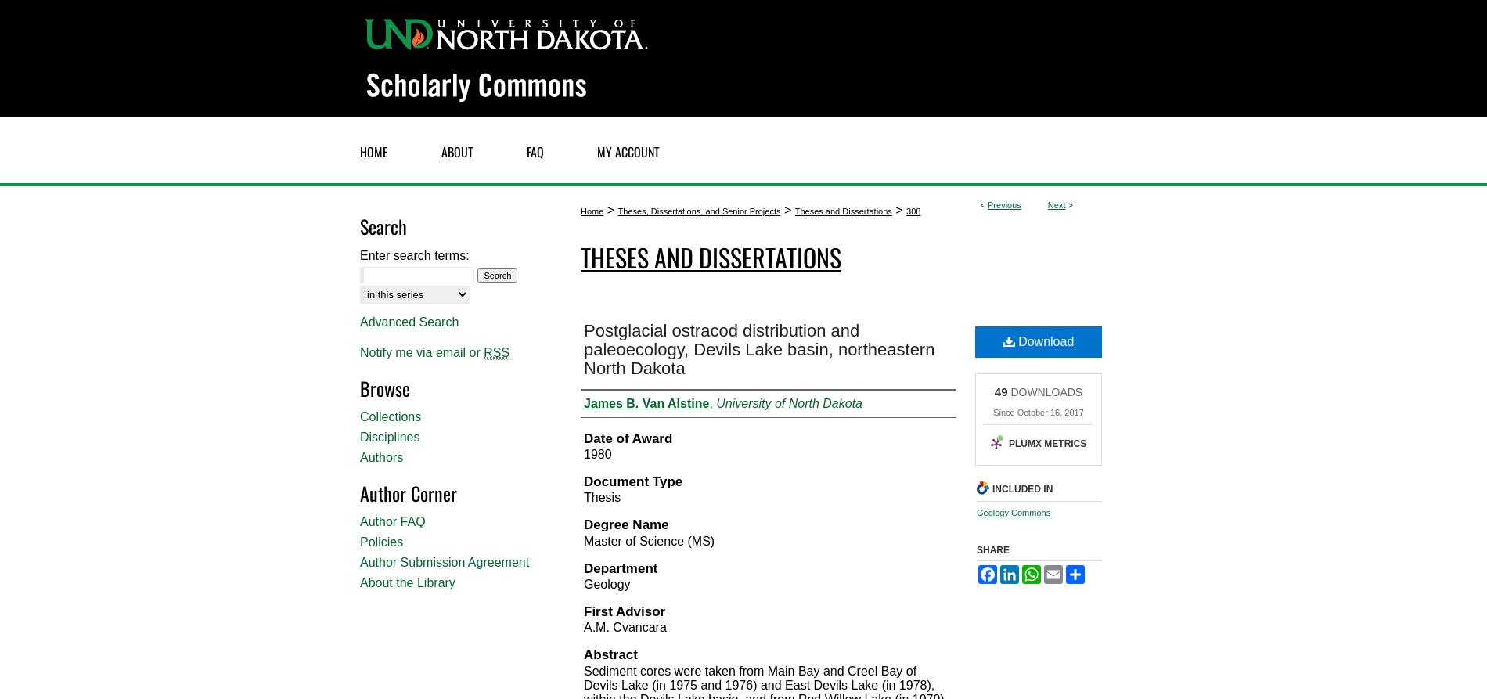 The image size is (1487, 699). What do you see at coordinates (535, 150) in the screenshot?
I see `'FAQ'` at bounding box center [535, 150].